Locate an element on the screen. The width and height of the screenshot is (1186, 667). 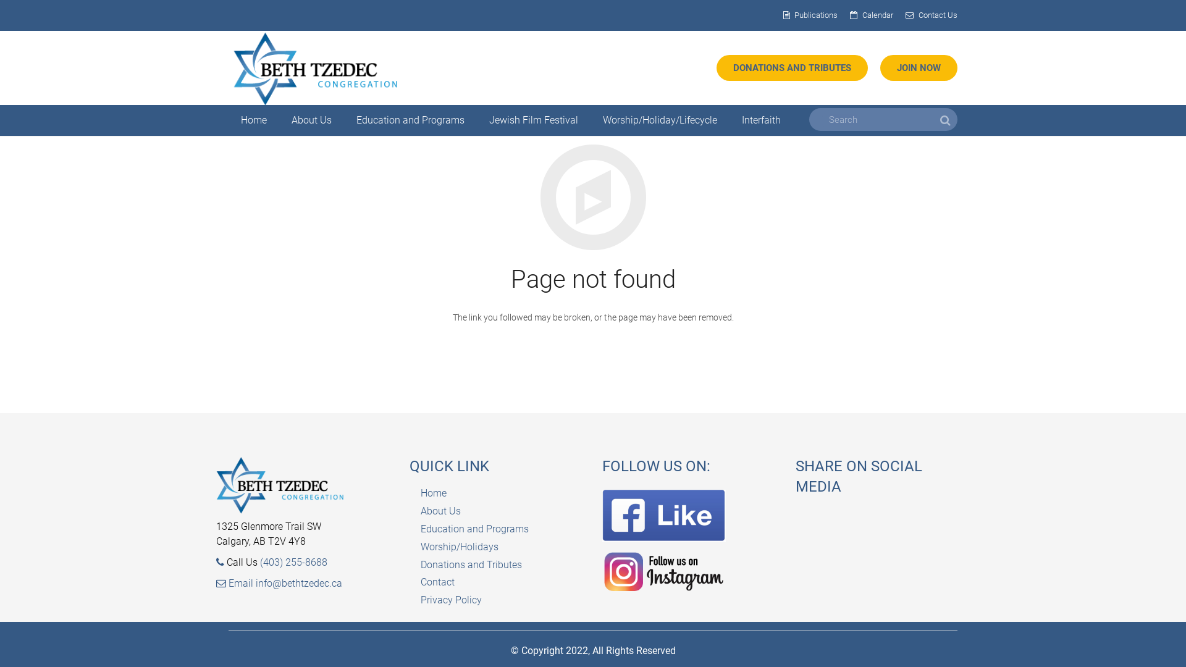
'Education and Programs' is located at coordinates (410, 120).